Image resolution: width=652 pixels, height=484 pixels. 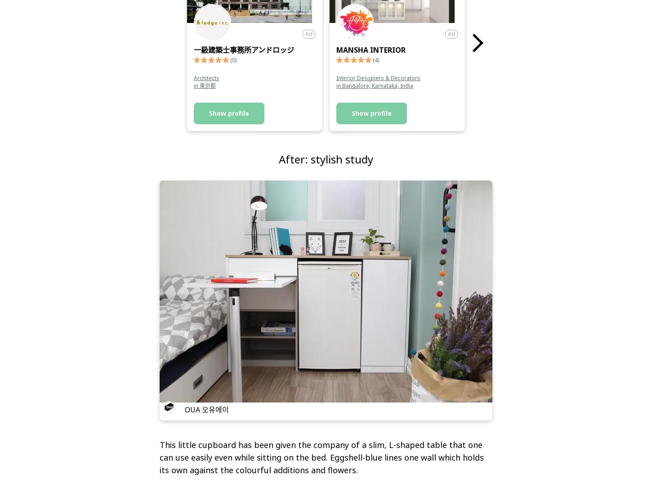 What do you see at coordinates (376, 59) in the screenshot?
I see `'(4)'` at bounding box center [376, 59].